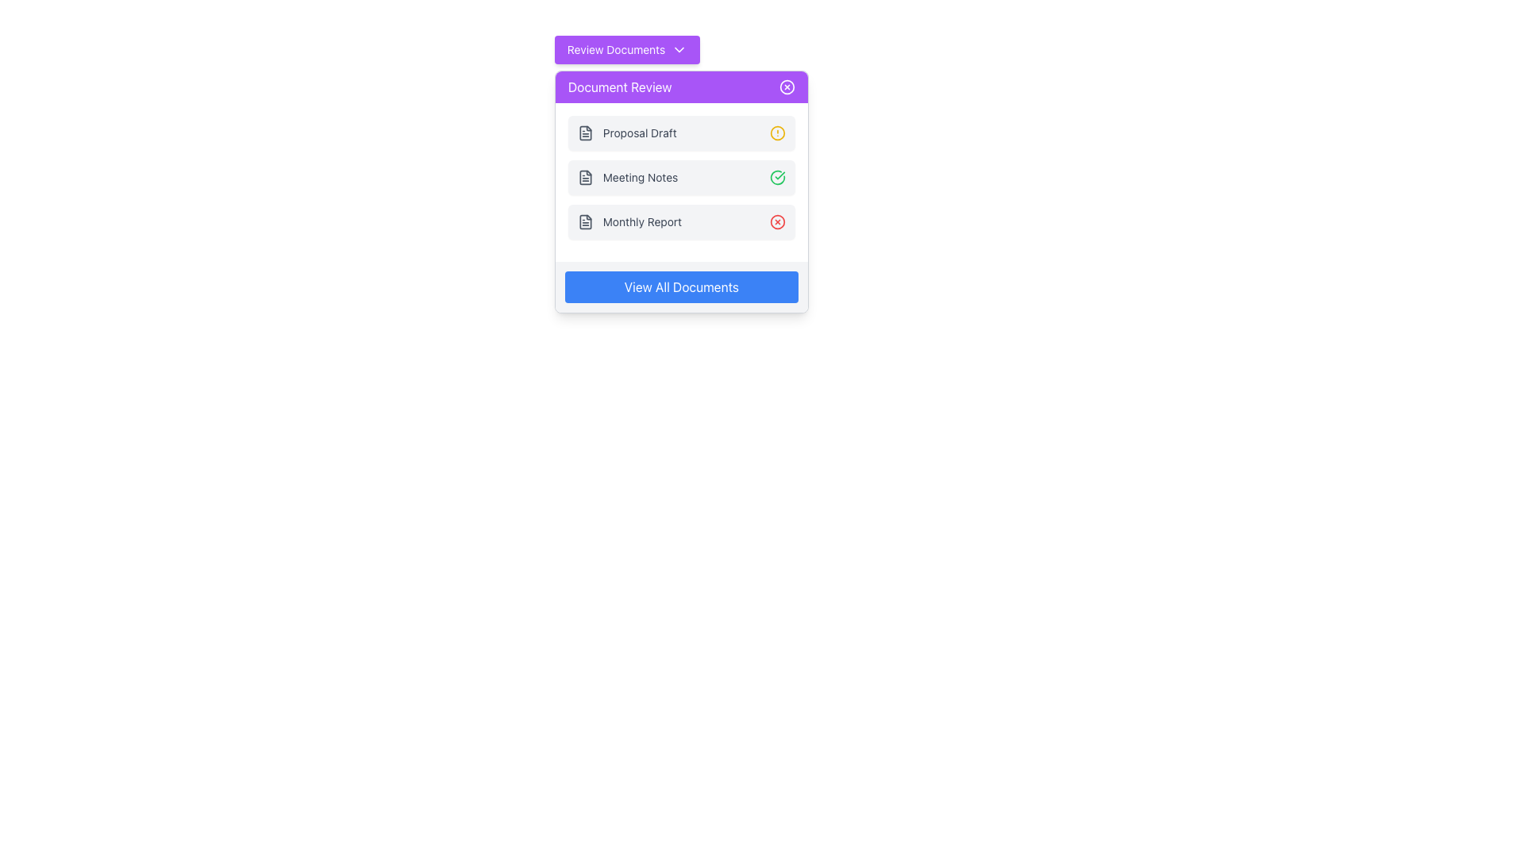 This screenshot has width=1524, height=857. I want to click on the alert icon located to the right of the 'Proposal Draft' text within the Document Review card, which serves as a status indicator, so click(777, 133).